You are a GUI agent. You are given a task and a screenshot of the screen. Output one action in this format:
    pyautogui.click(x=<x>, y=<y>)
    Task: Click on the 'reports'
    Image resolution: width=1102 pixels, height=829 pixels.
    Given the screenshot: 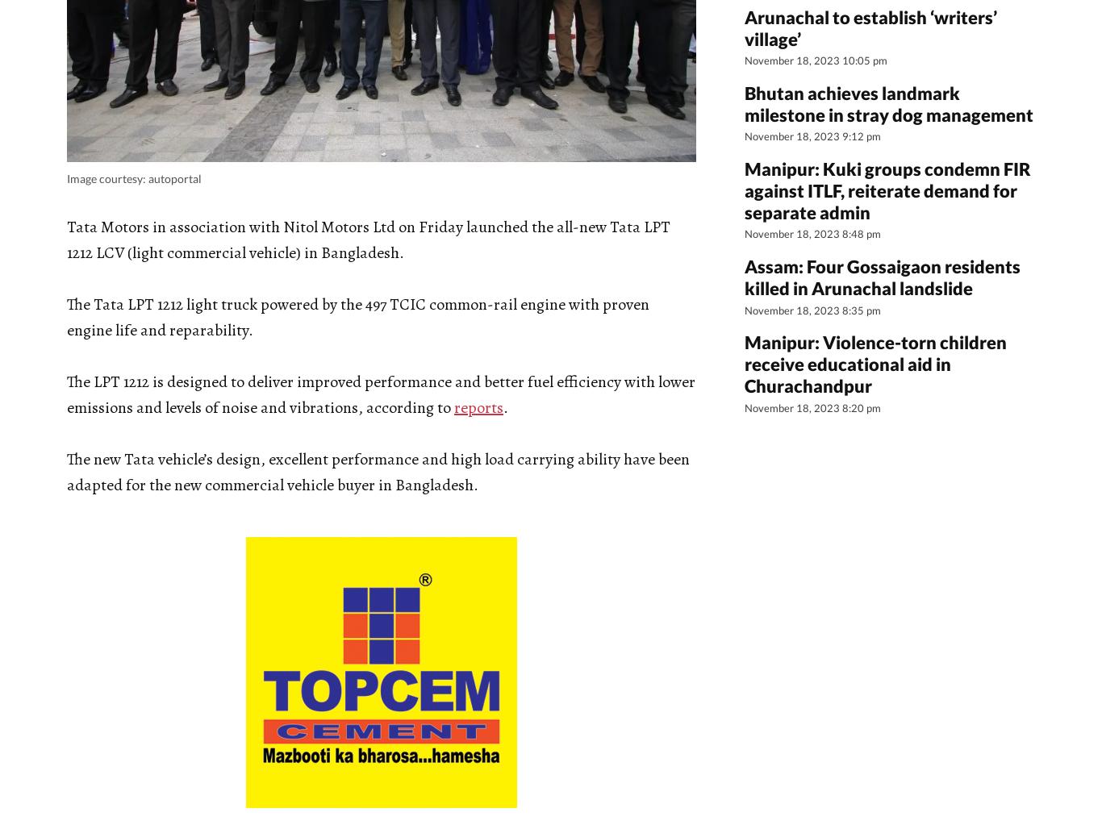 What is the action you would take?
    pyautogui.click(x=478, y=406)
    